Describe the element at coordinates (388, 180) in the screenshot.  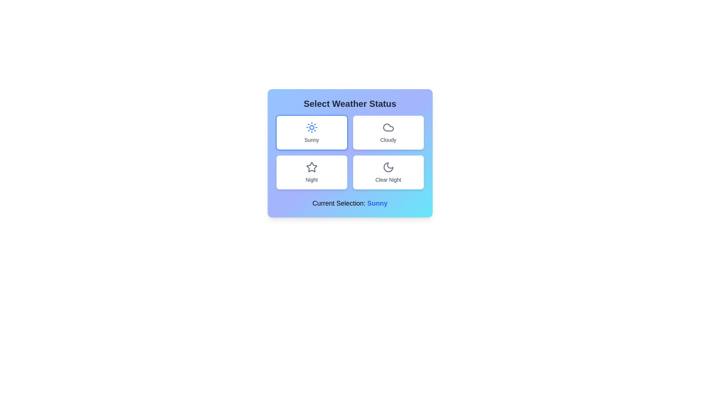
I see `the text label displaying 'Clear Night', which is styled with a smaller font size and medium weight, located in the bottom-right option of the weather status selections` at that location.